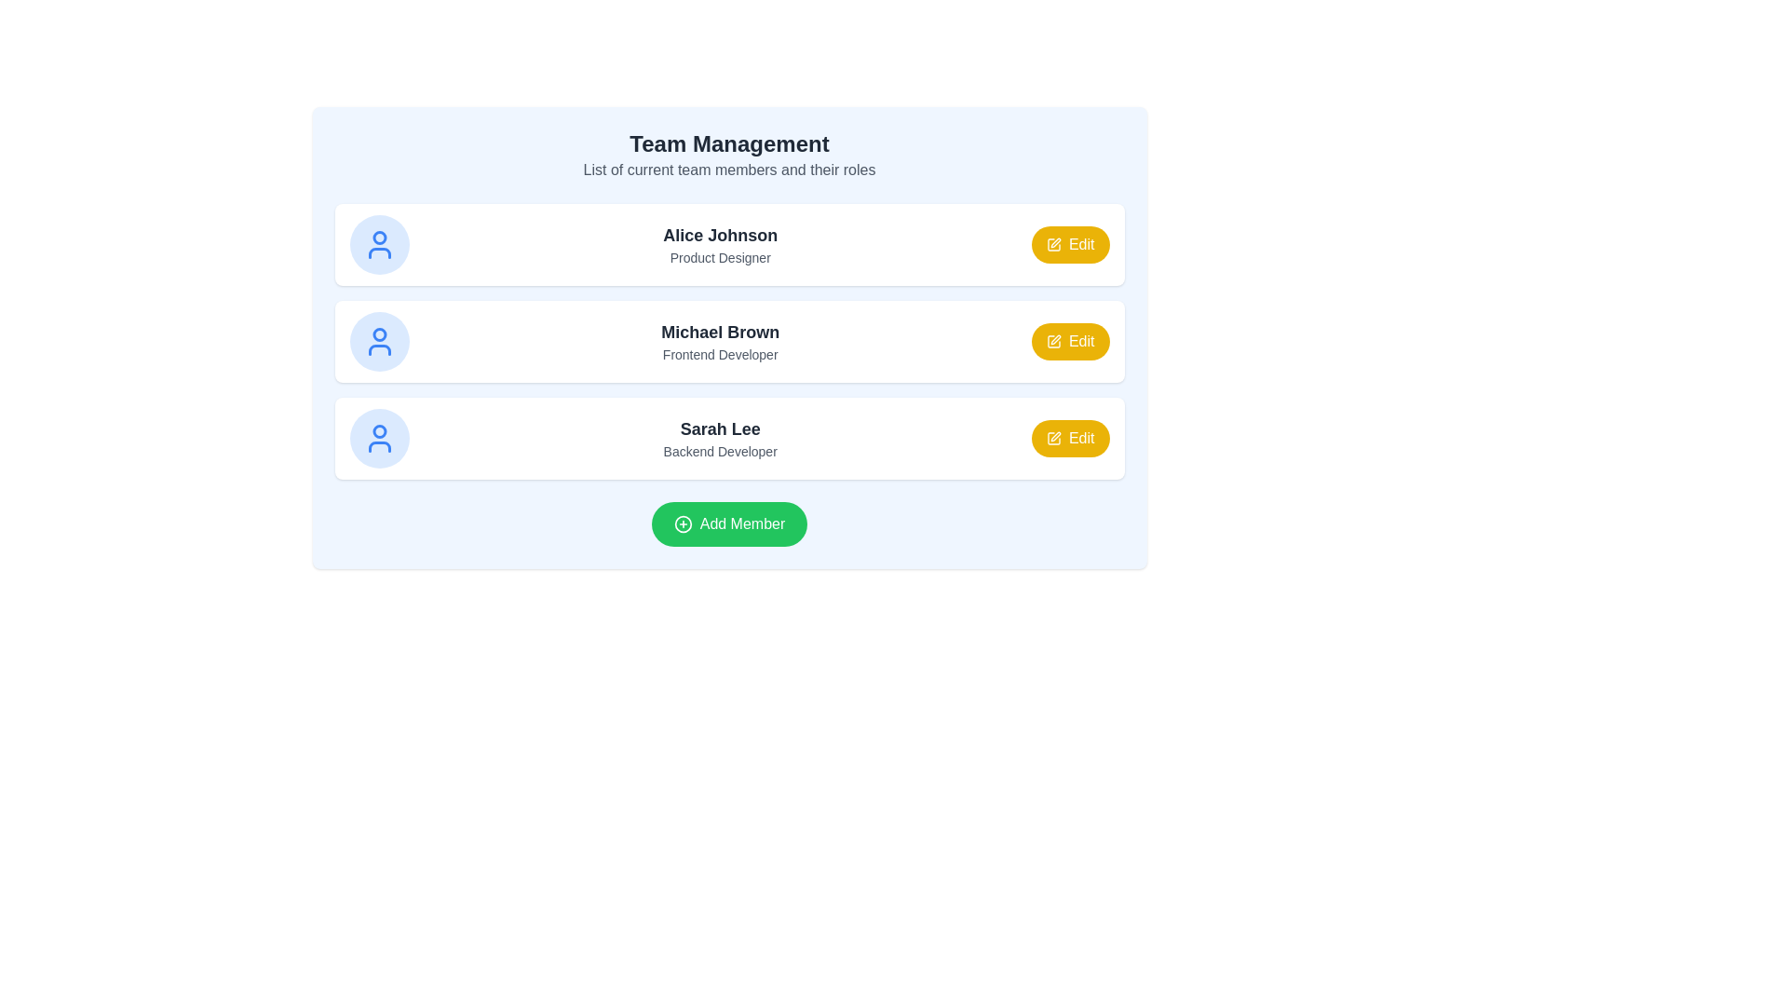  What do you see at coordinates (1070, 438) in the screenshot?
I see `the 'Edit' button with a yellow background and a pen icon in the 'Team Management' list for 'Sarah Lee', located in the third card from the top, to provide visual feedback` at bounding box center [1070, 438].